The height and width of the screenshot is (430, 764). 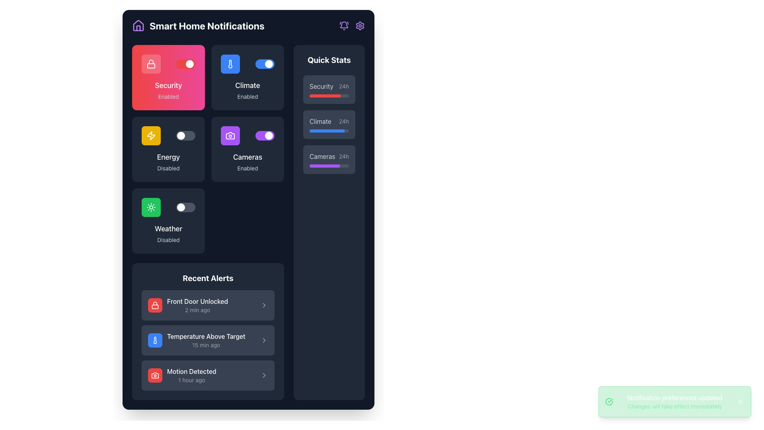 What do you see at coordinates (168, 207) in the screenshot?
I see `the Toggle switch in the Weather section` at bounding box center [168, 207].